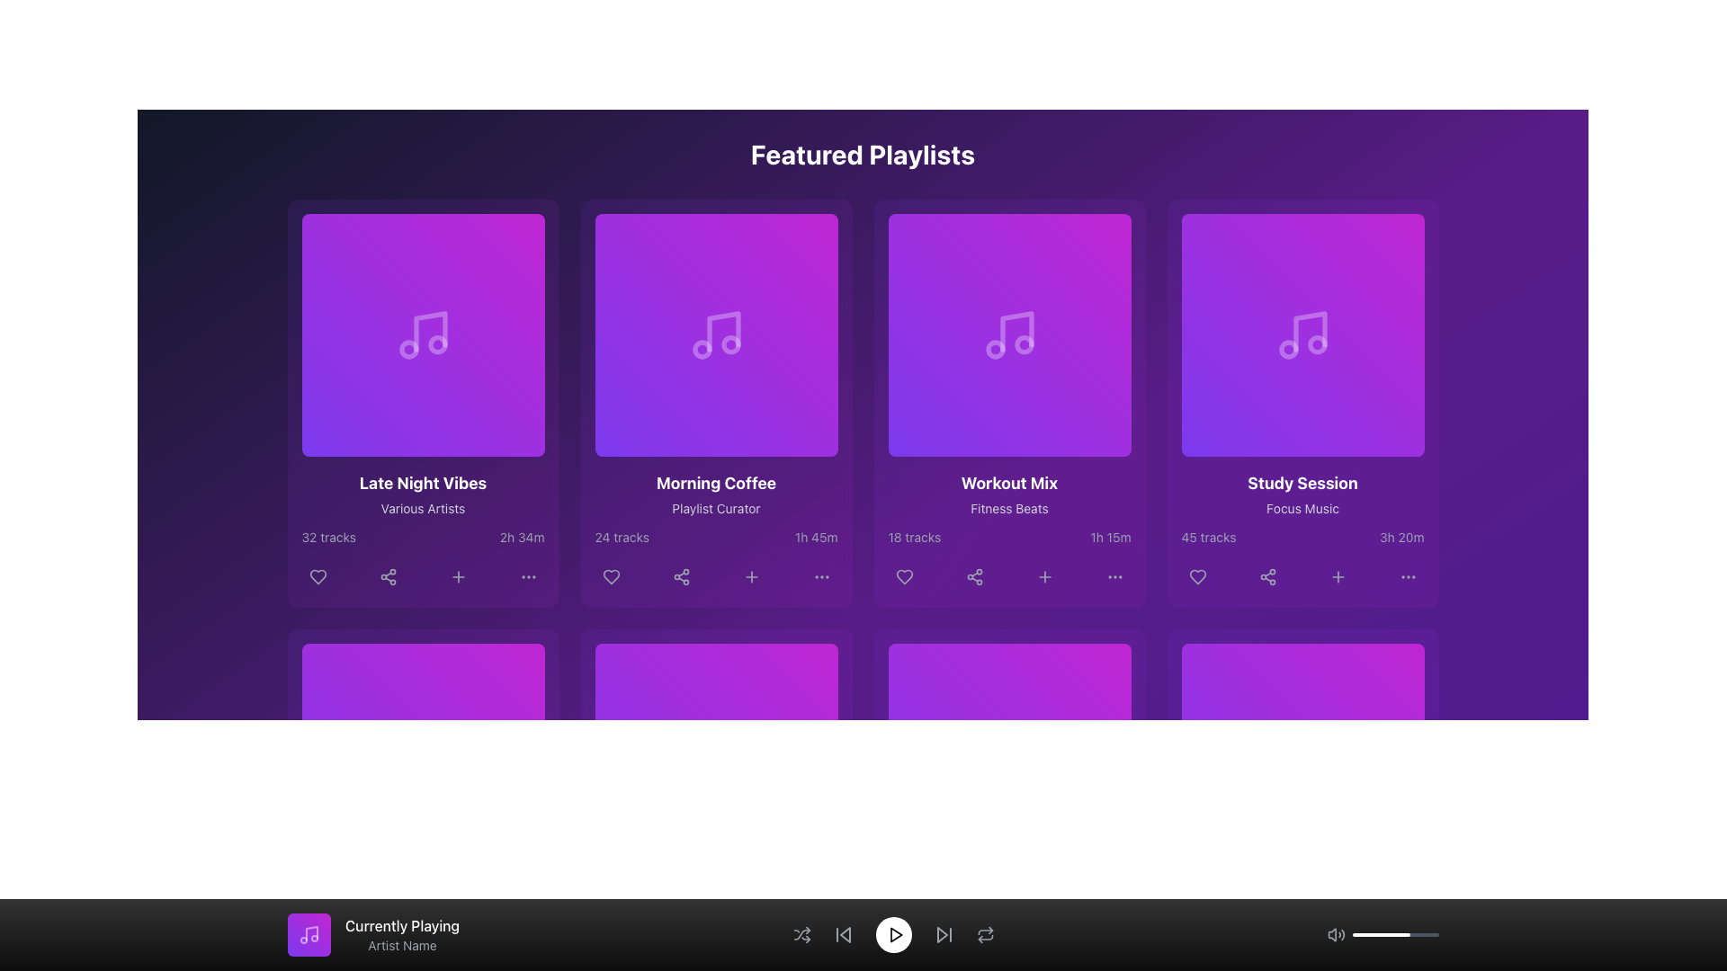 The height and width of the screenshot is (971, 1727). Describe the element at coordinates (401, 934) in the screenshot. I see `displayed text from the Text Display Component that shows 'Currently Playing' and 'Artist Name', located at the bottom center of the interface next to a violet music note icon` at that location.